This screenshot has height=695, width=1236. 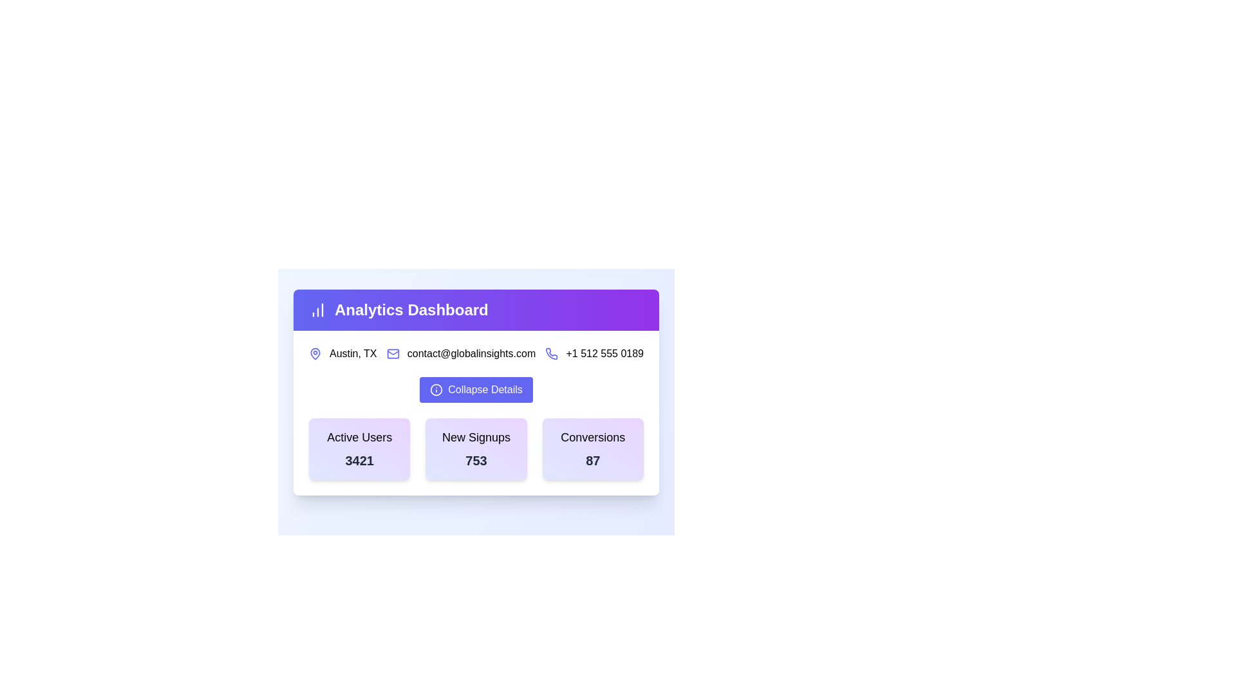 I want to click on the static text displaying the phone number '+1 512 555 0189' located in the top-right corner below the 'Analytics Dashboard' header, so click(x=604, y=354).